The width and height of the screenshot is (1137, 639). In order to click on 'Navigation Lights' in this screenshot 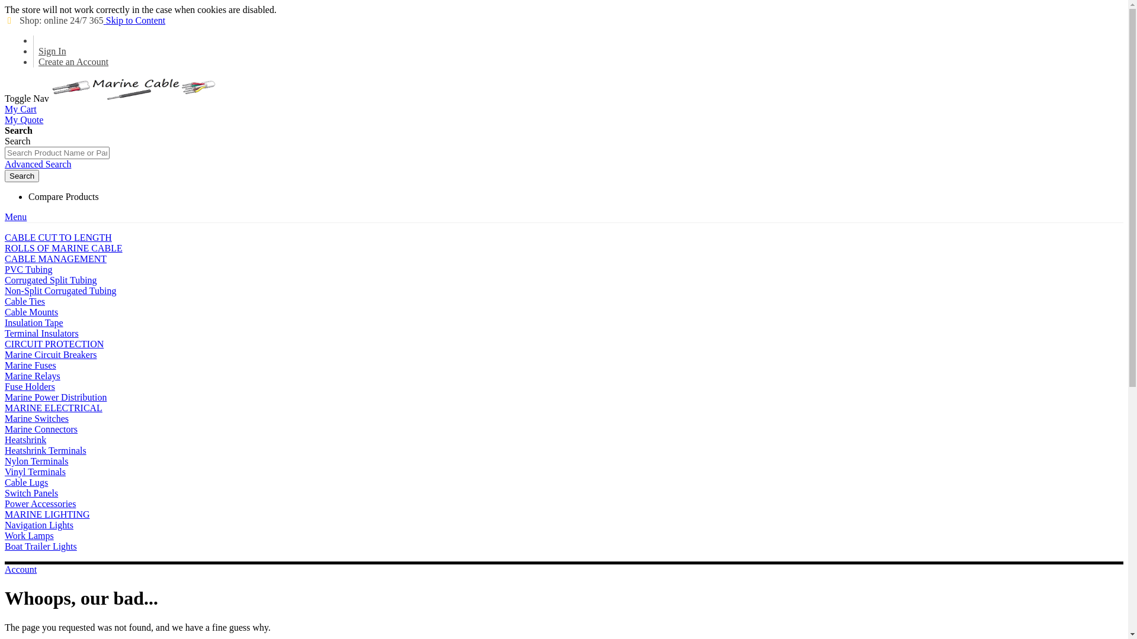, I will do `click(39, 524)`.